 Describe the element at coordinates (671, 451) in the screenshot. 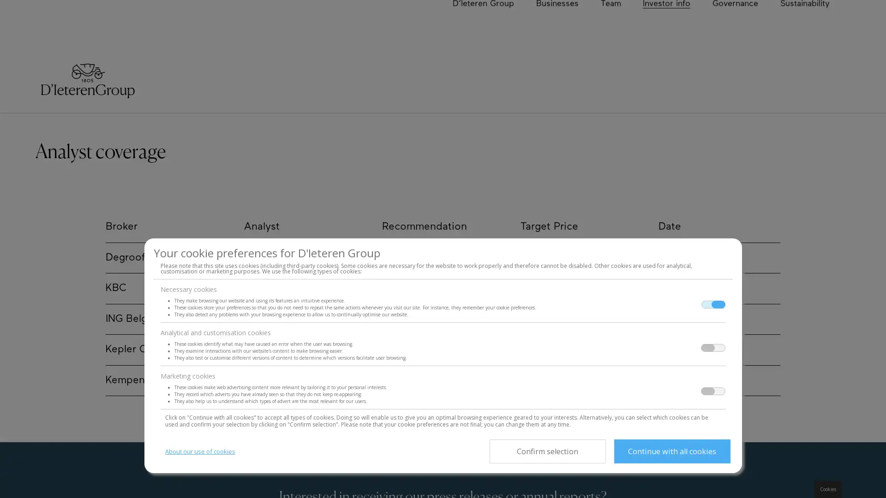

I see `Close Consent Modal` at that location.